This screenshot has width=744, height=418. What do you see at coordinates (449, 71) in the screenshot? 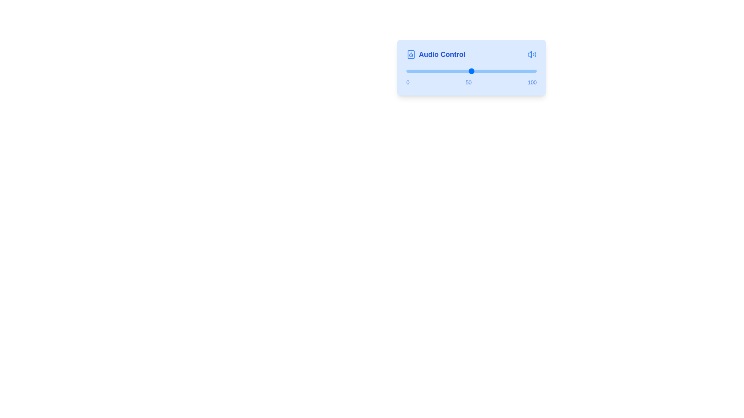
I see `the audio level` at bounding box center [449, 71].